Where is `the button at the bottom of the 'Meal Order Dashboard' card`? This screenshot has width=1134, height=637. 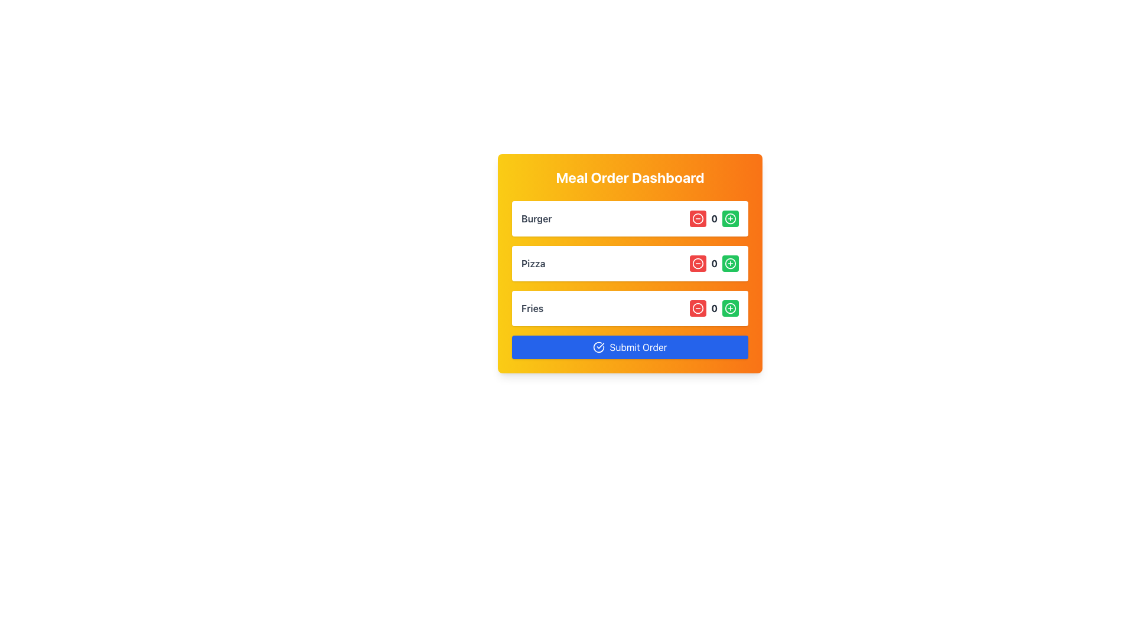
the button at the bottom of the 'Meal Order Dashboard' card is located at coordinates (629, 347).